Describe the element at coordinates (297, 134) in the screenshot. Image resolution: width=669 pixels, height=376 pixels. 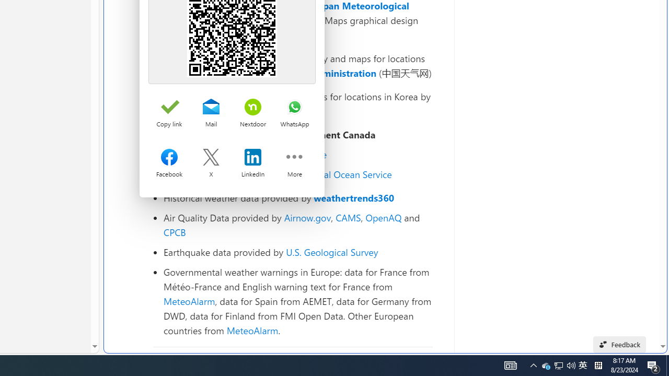
I see `'Canadian radar map data by Environment Canada'` at that location.